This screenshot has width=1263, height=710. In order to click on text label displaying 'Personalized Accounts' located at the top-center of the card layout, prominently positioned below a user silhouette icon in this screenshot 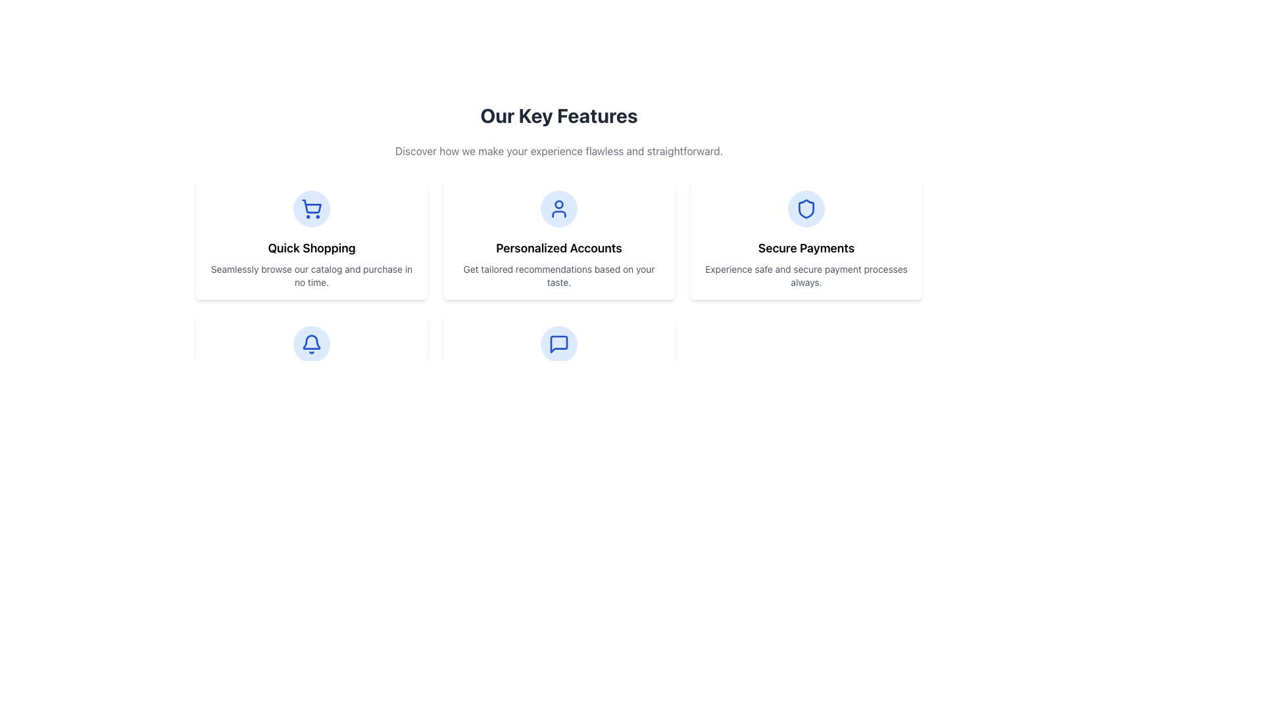, I will do `click(558, 248)`.